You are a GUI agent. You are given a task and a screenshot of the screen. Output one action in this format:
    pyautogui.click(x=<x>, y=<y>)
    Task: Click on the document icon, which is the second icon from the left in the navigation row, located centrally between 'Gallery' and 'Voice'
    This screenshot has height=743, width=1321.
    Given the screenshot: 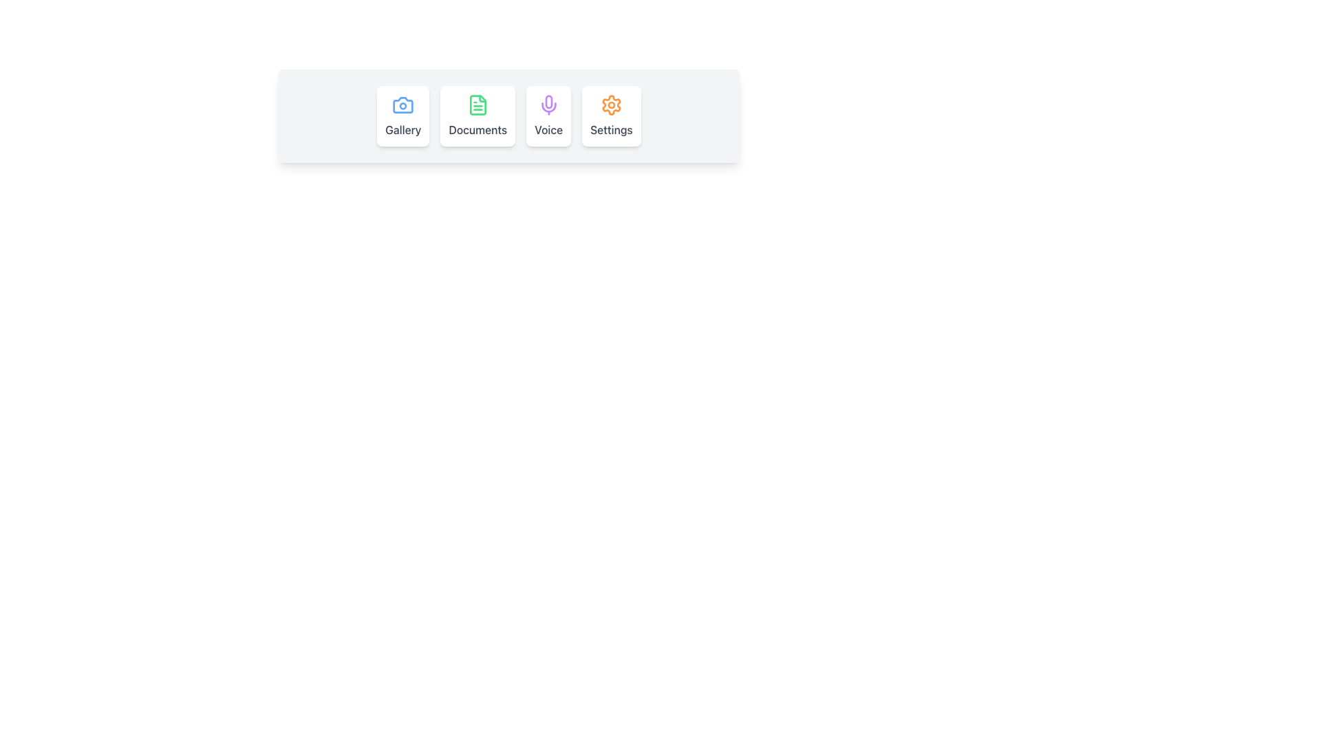 What is the action you would take?
    pyautogui.click(x=477, y=105)
    